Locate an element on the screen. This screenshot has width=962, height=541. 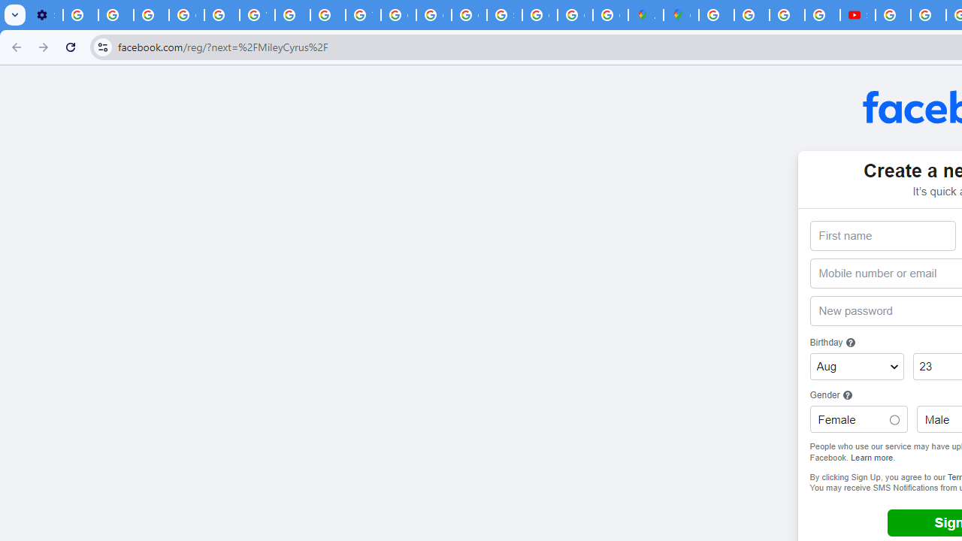
'View site information' is located at coordinates (101, 46).